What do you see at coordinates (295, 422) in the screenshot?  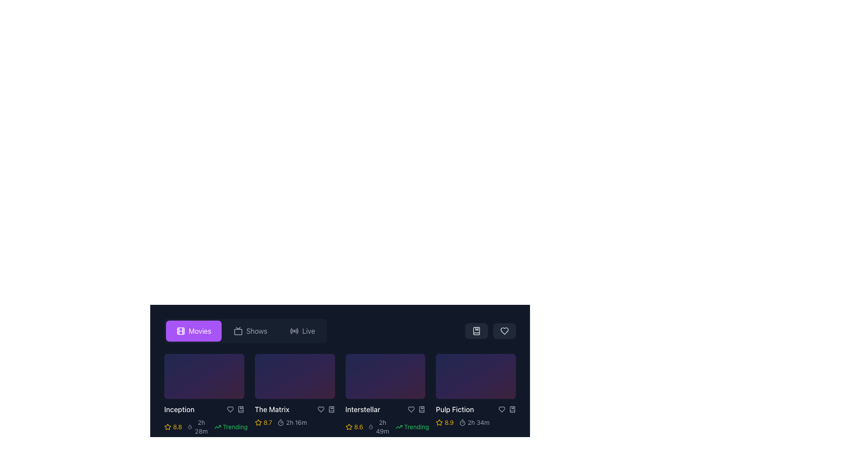 I see `the static text displaying '2h 16m', which is styled in light gray color and located below the title 'The Matrix' and adjacent to a timer icon` at bounding box center [295, 422].